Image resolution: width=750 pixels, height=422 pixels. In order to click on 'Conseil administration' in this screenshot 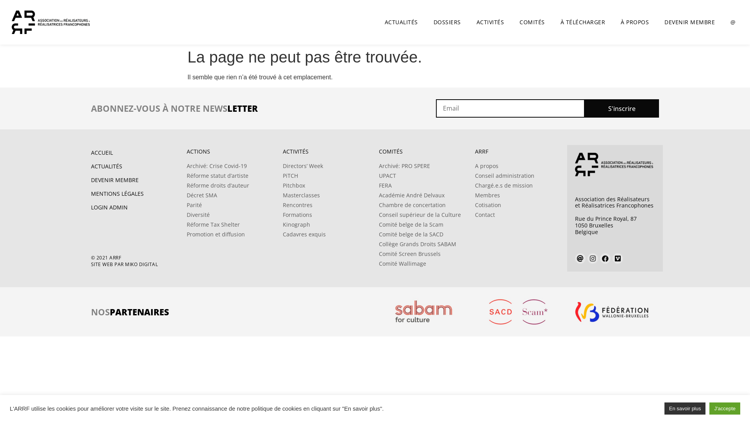, I will do `click(519, 176)`.